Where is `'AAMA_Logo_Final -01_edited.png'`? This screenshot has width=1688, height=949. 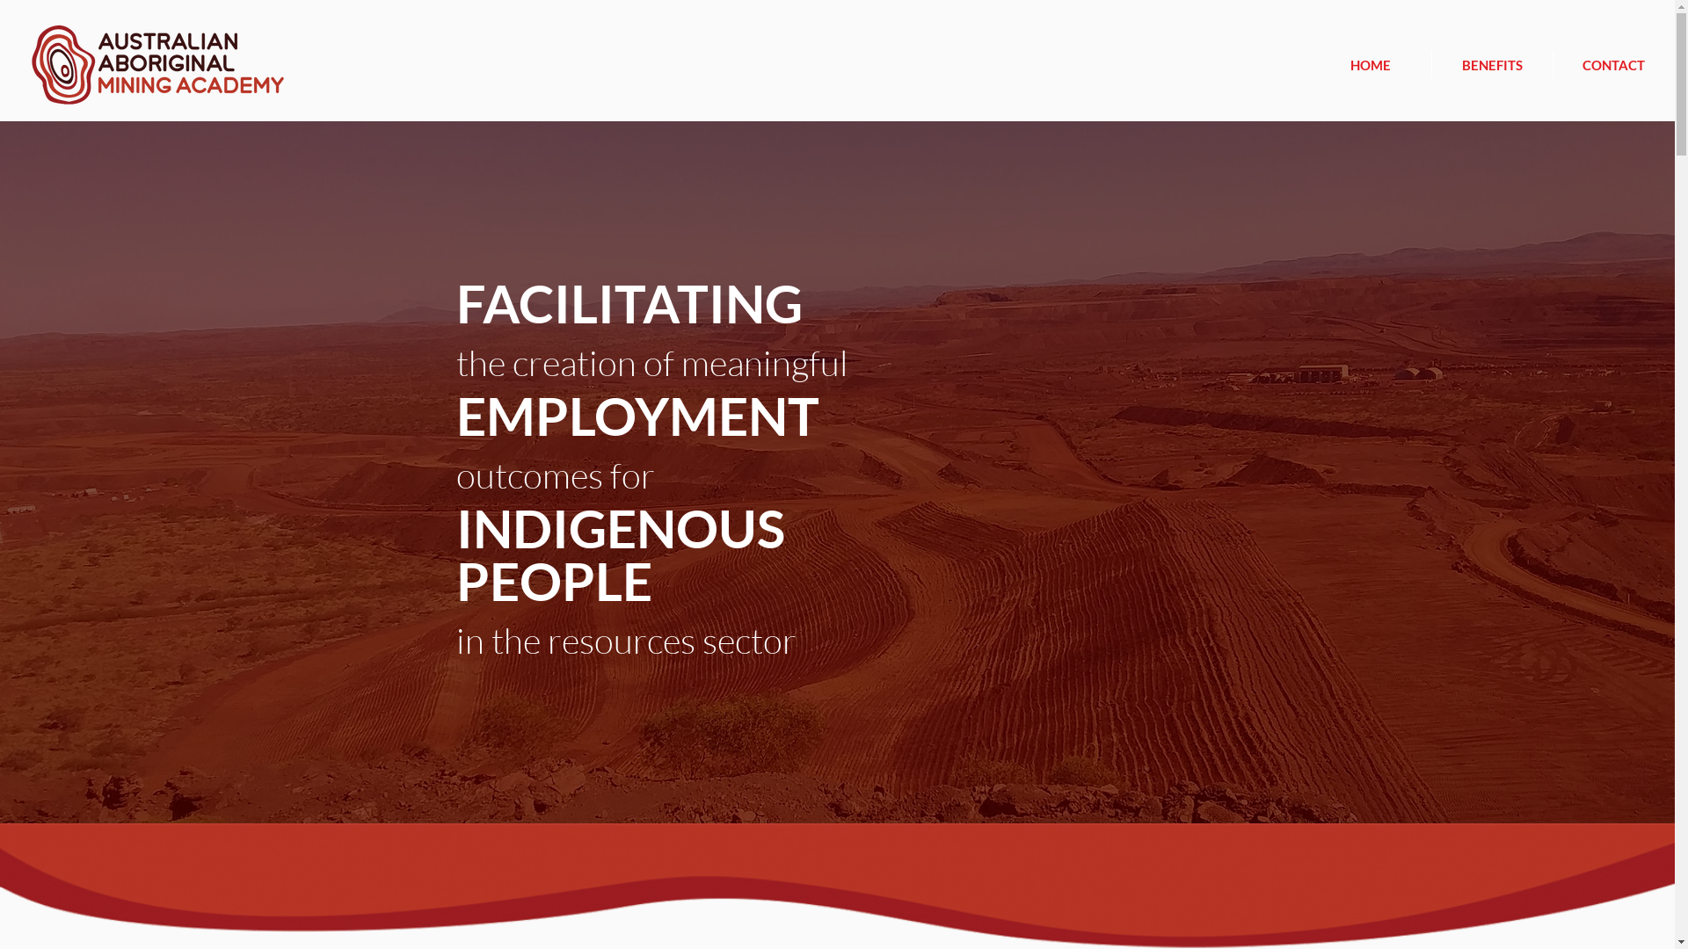
'AAMA_Logo_Final -01_edited.png' is located at coordinates (157, 63).